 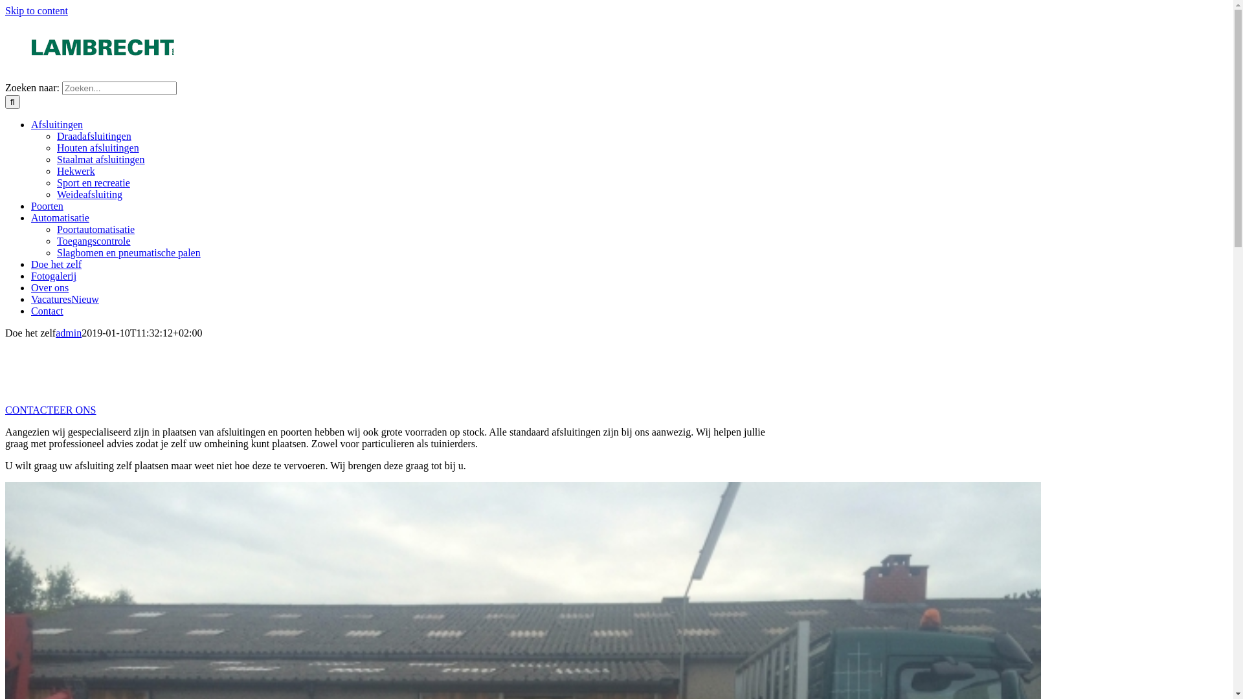 What do you see at coordinates (59, 217) in the screenshot?
I see `'Automatisatie'` at bounding box center [59, 217].